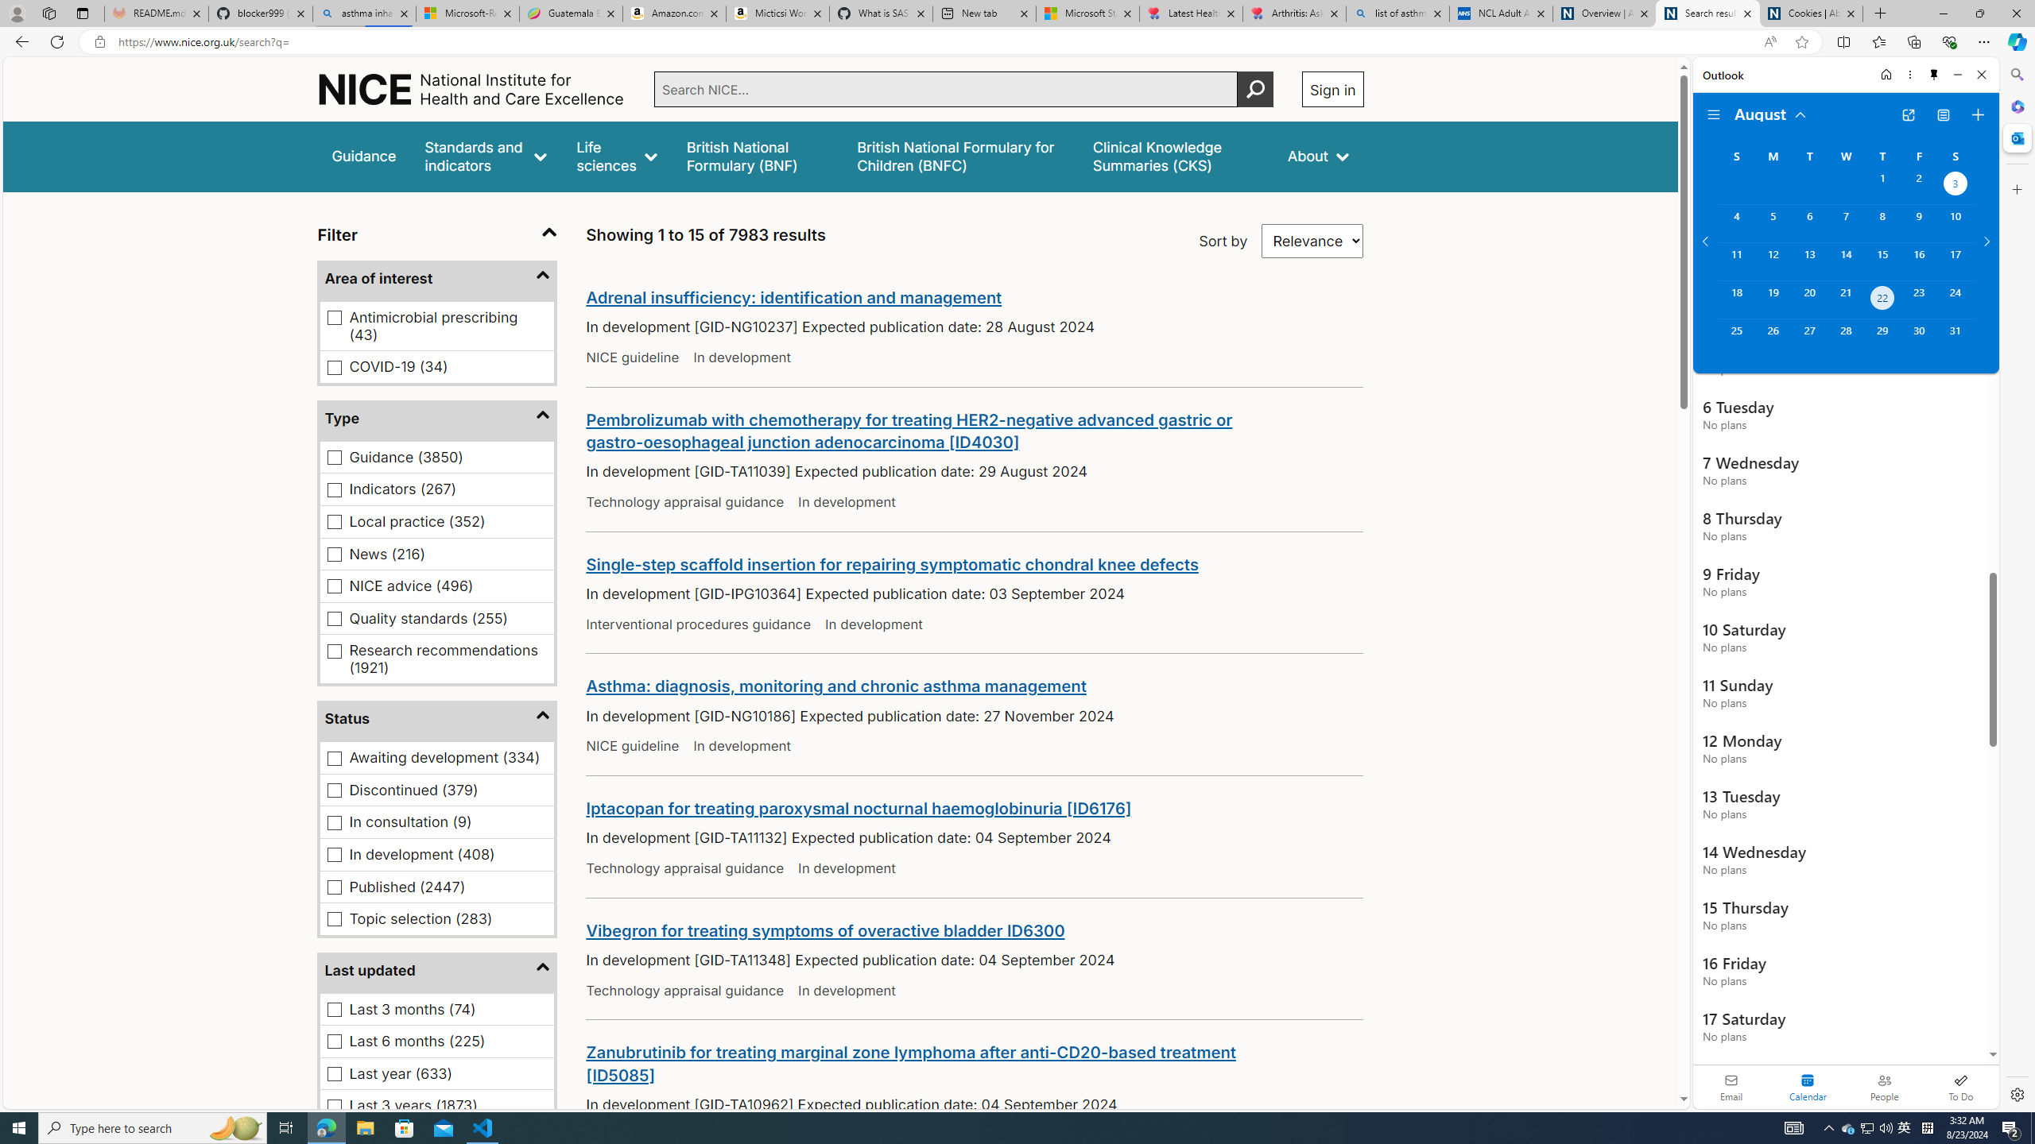  Describe the element at coordinates (1844, 338) in the screenshot. I see `'Wednesday, August 28, 2024. '` at that location.